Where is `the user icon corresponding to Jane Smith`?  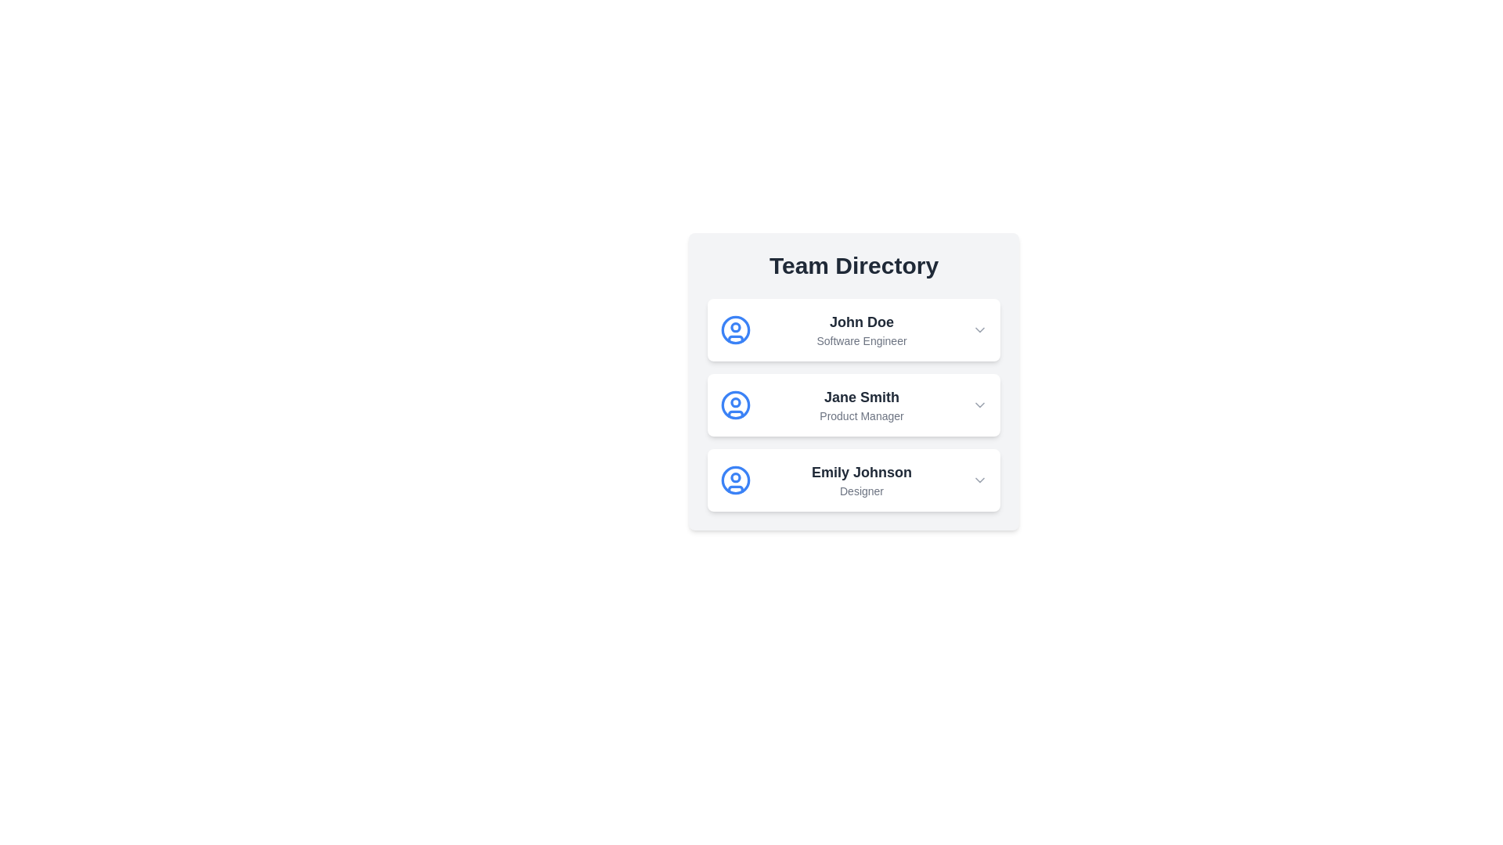 the user icon corresponding to Jane Smith is located at coordinates (735, 404).